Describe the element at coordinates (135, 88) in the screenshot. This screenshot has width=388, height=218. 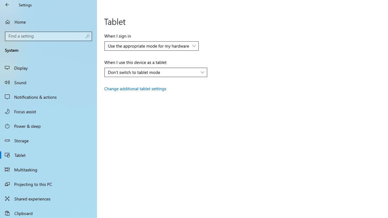
I see `'Change additional tablet settings'` at that location.